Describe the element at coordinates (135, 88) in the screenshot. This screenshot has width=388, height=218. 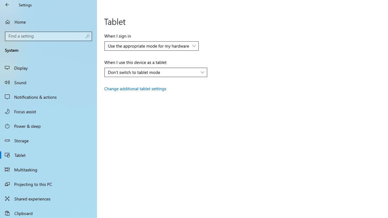
I see `'Change additional tablet settings'` at that location.